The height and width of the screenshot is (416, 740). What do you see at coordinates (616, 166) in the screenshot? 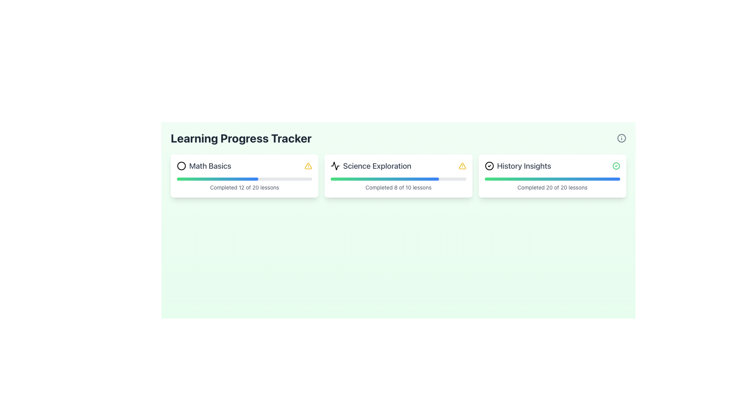
I see `the green circular checkmark icon indicating a completed state, located in the top-right corner of the 'History Insights' section` at bounding box center [616, 166].